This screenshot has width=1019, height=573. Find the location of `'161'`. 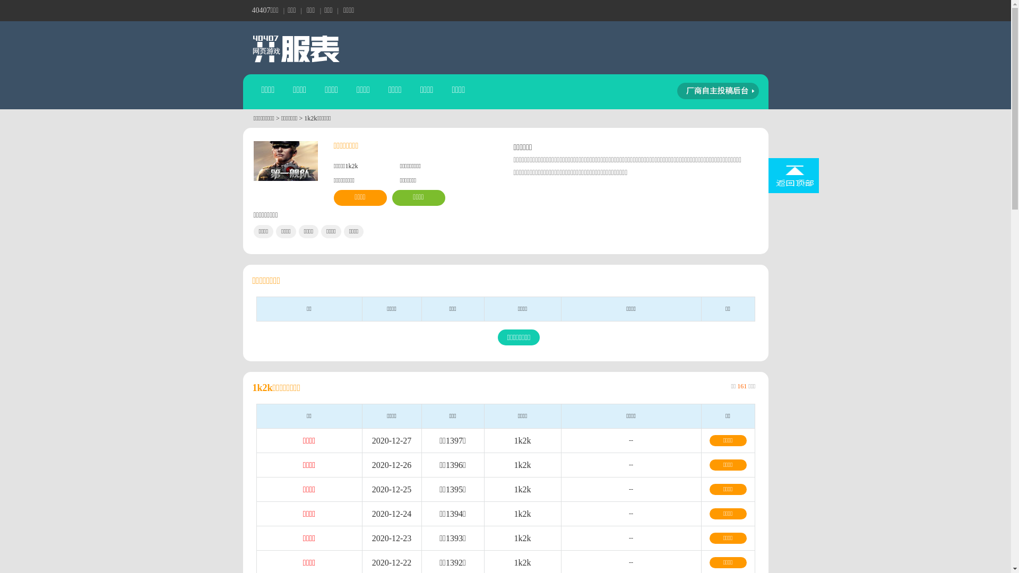

'161' is located at coordinates (741, 386).